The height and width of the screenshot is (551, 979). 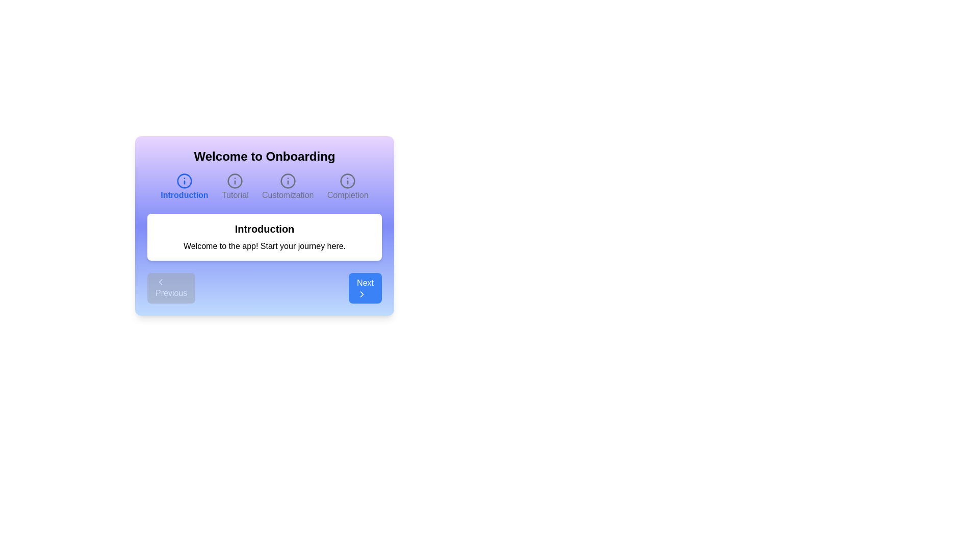 I want to click on the heading text element located at the top center of the onboarding section, so click(x=264, y=157).